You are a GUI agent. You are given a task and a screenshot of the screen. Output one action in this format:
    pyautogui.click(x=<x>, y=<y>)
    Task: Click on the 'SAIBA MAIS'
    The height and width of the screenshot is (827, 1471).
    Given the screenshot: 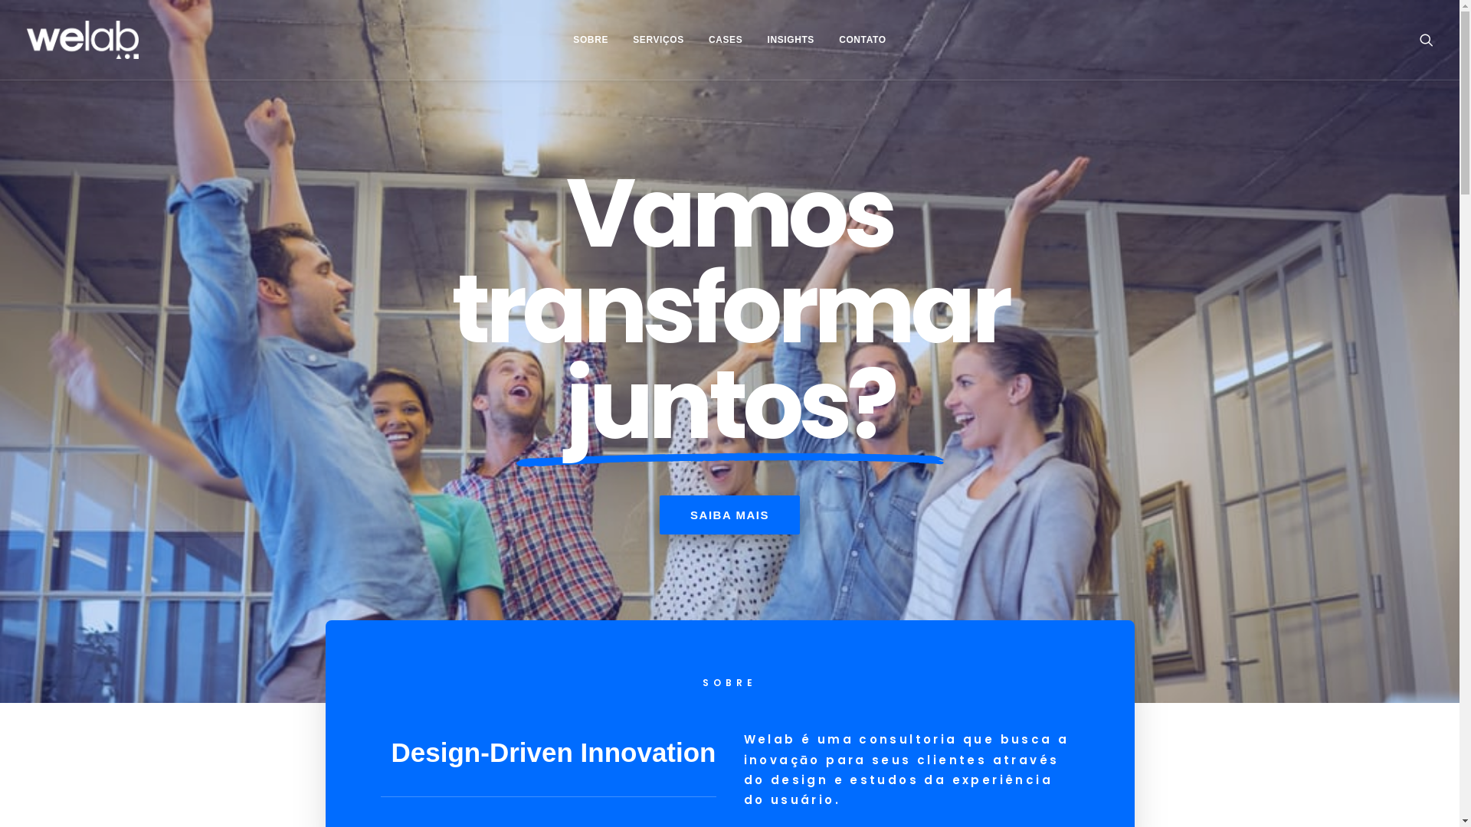 What is the action you would take?
    pyautogui.click(x=659, y=515)
    